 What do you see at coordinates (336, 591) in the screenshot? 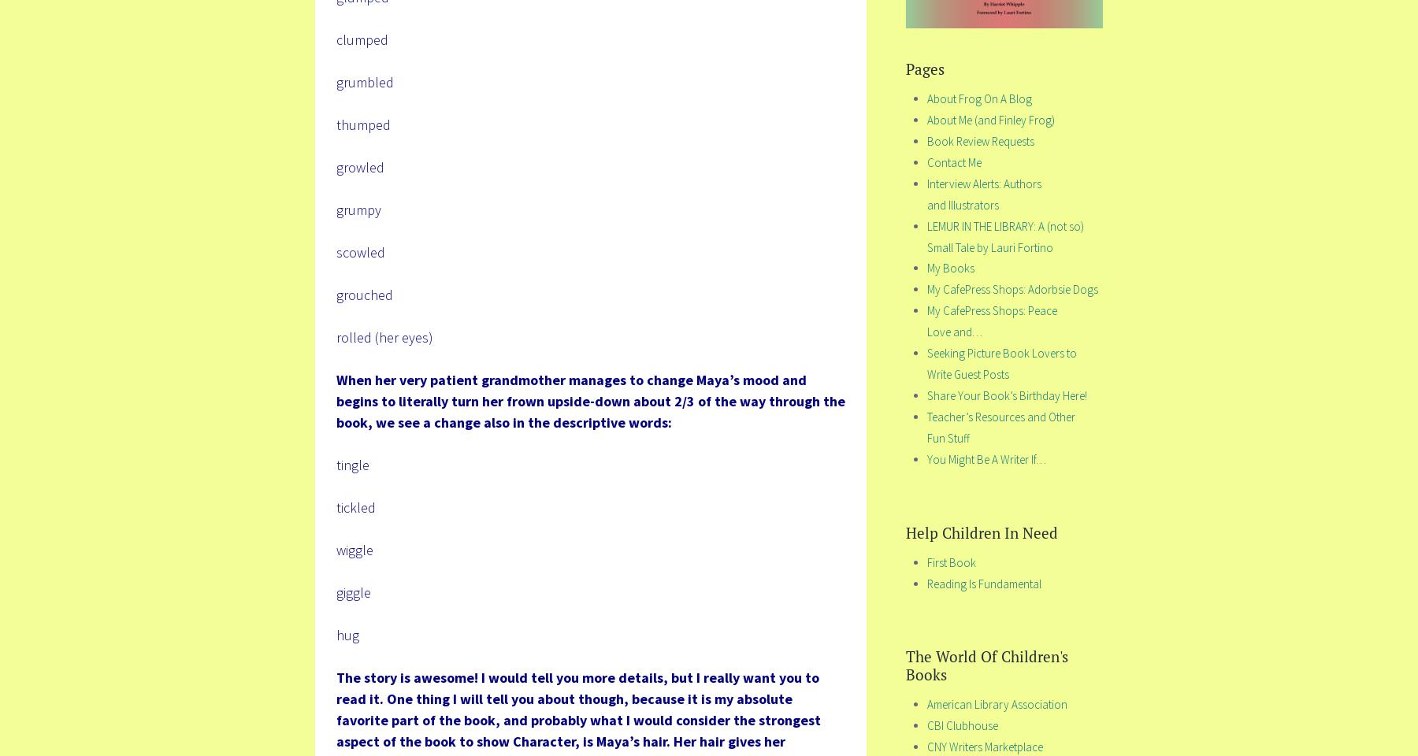
I see `'giggle'` at bounding box center [336, 591].